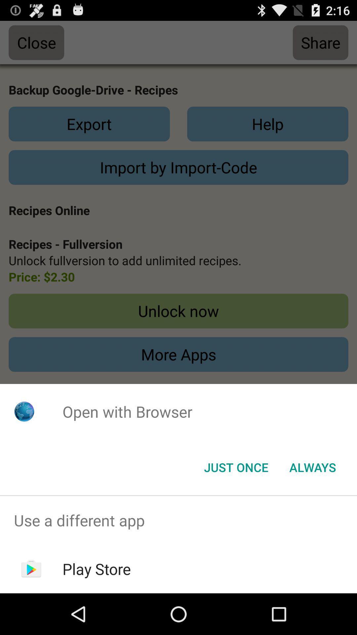  Describe the element at coordinates (312, 467) in the screenshot. I see `always` at that location.